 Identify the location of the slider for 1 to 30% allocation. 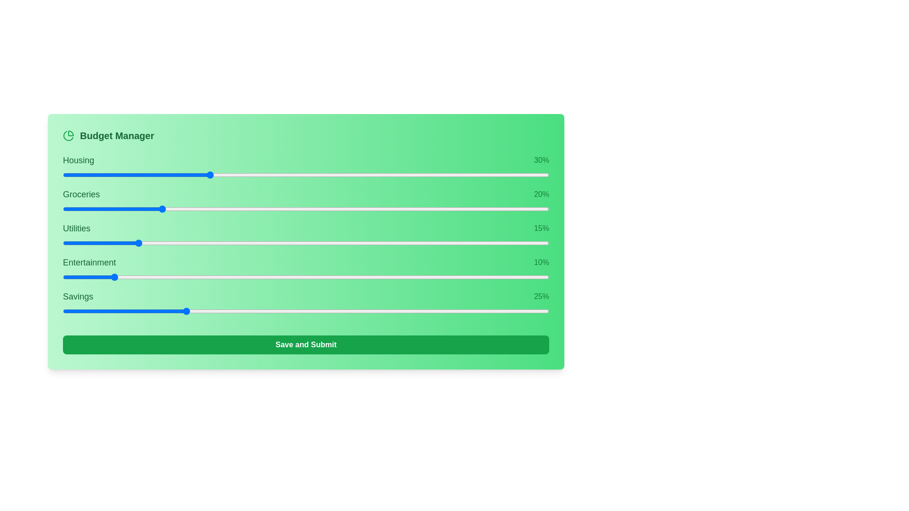
(379, 209).